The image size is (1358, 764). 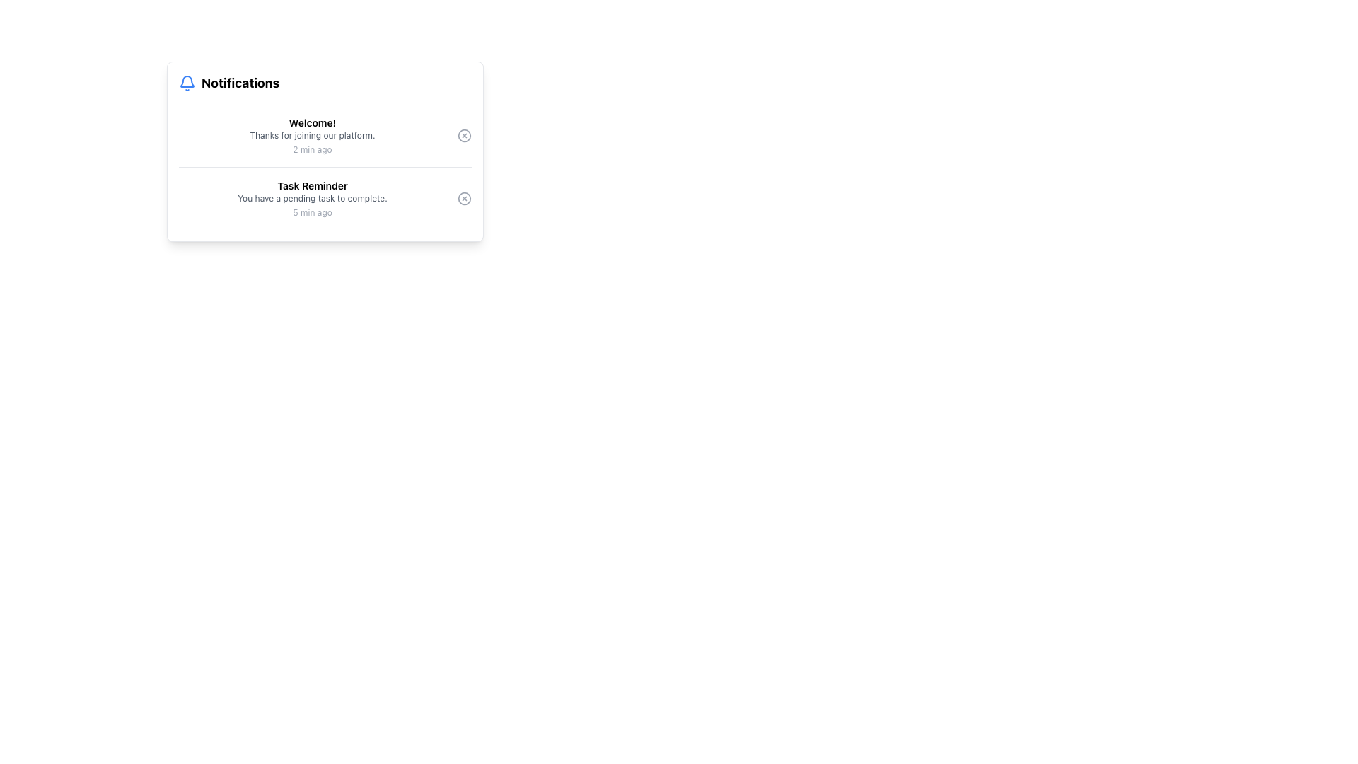 I want to click on the second notification item in the notification card that informs the user about a pending task and its creation time, so click(x=325, y=198).